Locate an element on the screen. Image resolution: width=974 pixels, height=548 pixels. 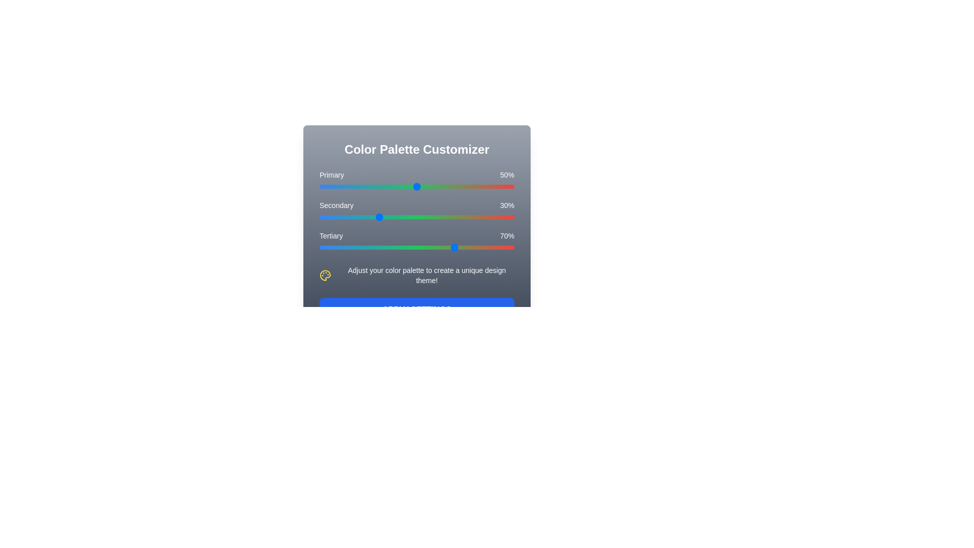
the Graphic Icon resembling a paint palette, which has a yellow outline and color samples, located to the left of the text 'Adjust your color palette to create a unique design theme!' is located at coordinates (325, 276).